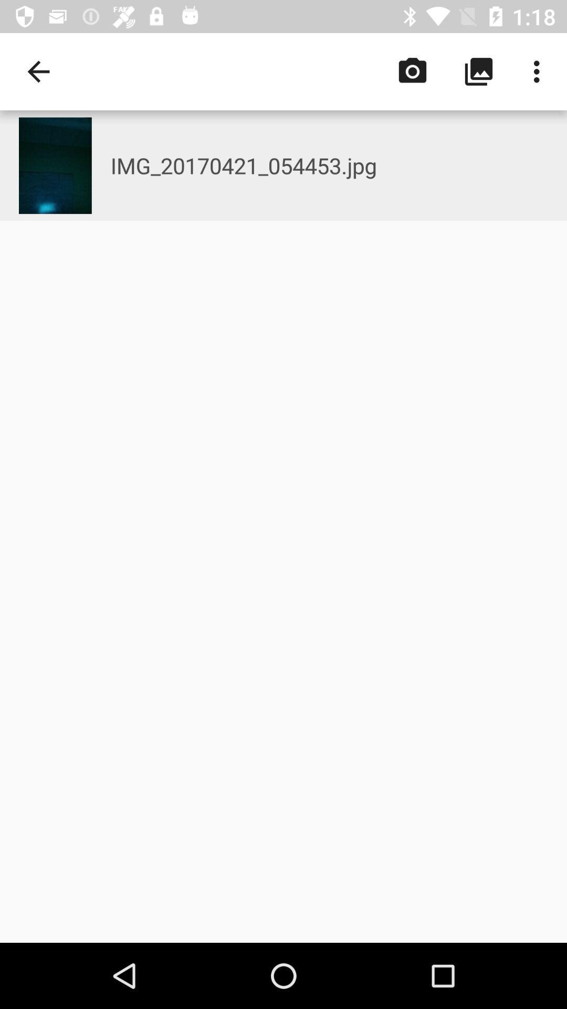 This screenshot has height=1009, width=567. I want to click on icon above img_20170421_054453.jpg, so click(539, 71).